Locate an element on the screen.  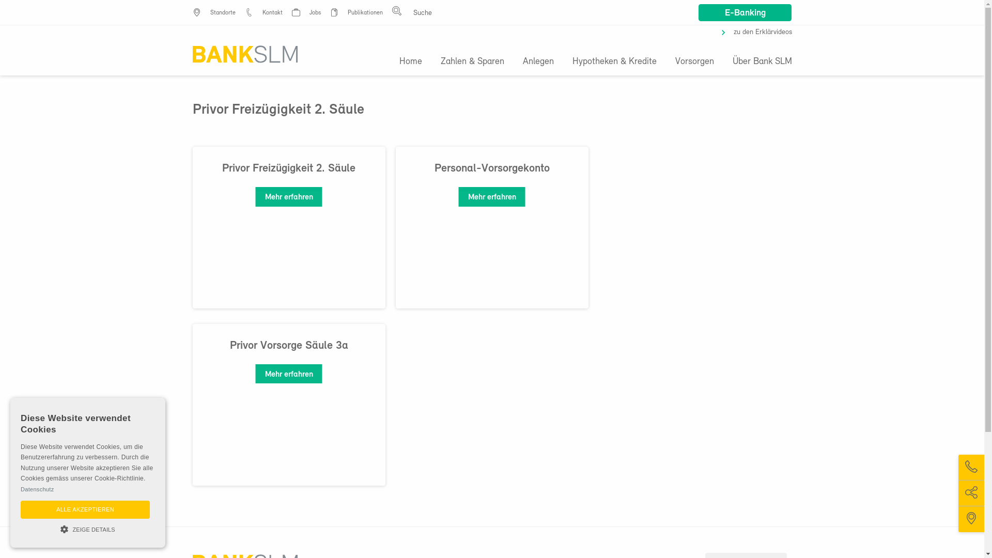
'Hypotheken & Kredite' is located at coordinates (614, 61).